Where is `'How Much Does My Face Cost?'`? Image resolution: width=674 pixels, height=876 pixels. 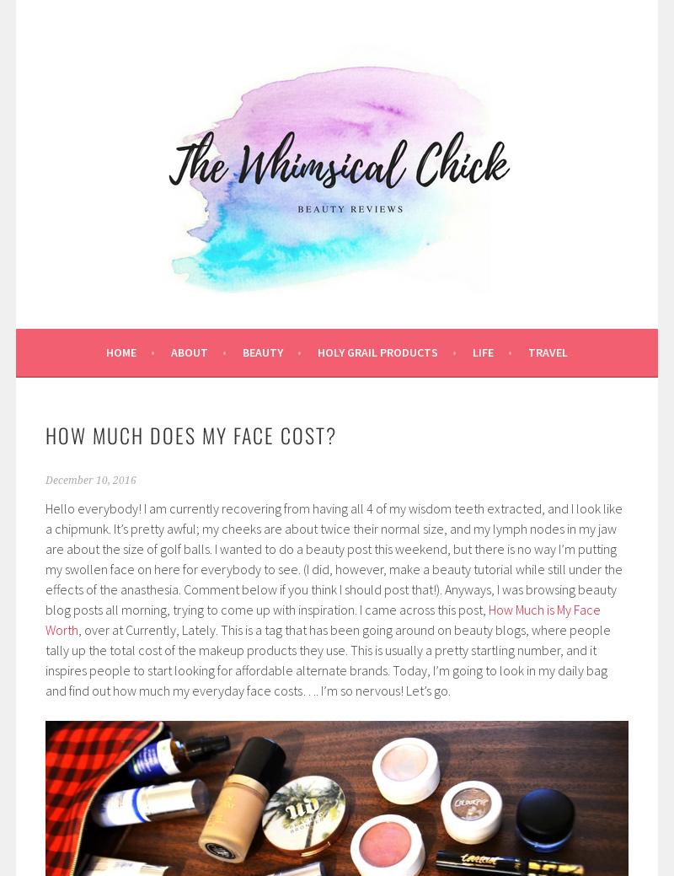
'How Much Does My Face Cost?' is located at coordinates (191, 433).